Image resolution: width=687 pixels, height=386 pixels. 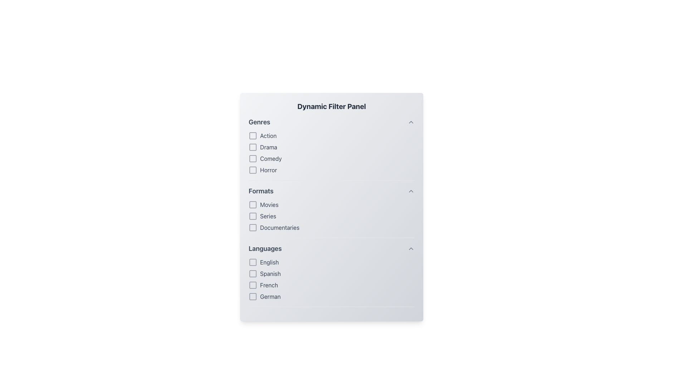 I want to click on on the checkbox located beside the 'Horror' label in the 'Genres' section of the filter panel, so click(x=253, y=170).